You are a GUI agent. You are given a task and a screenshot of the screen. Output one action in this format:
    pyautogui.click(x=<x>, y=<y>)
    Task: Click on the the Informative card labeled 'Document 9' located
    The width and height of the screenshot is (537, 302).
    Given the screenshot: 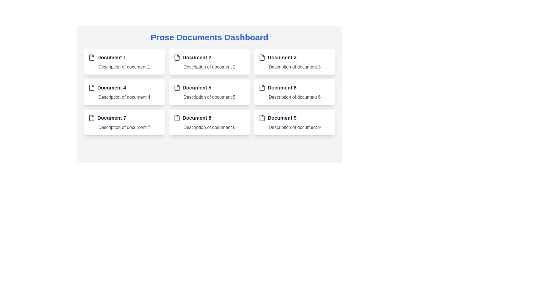 What is the action you would take?
    pyautogui.click(x=294, y=122)
    